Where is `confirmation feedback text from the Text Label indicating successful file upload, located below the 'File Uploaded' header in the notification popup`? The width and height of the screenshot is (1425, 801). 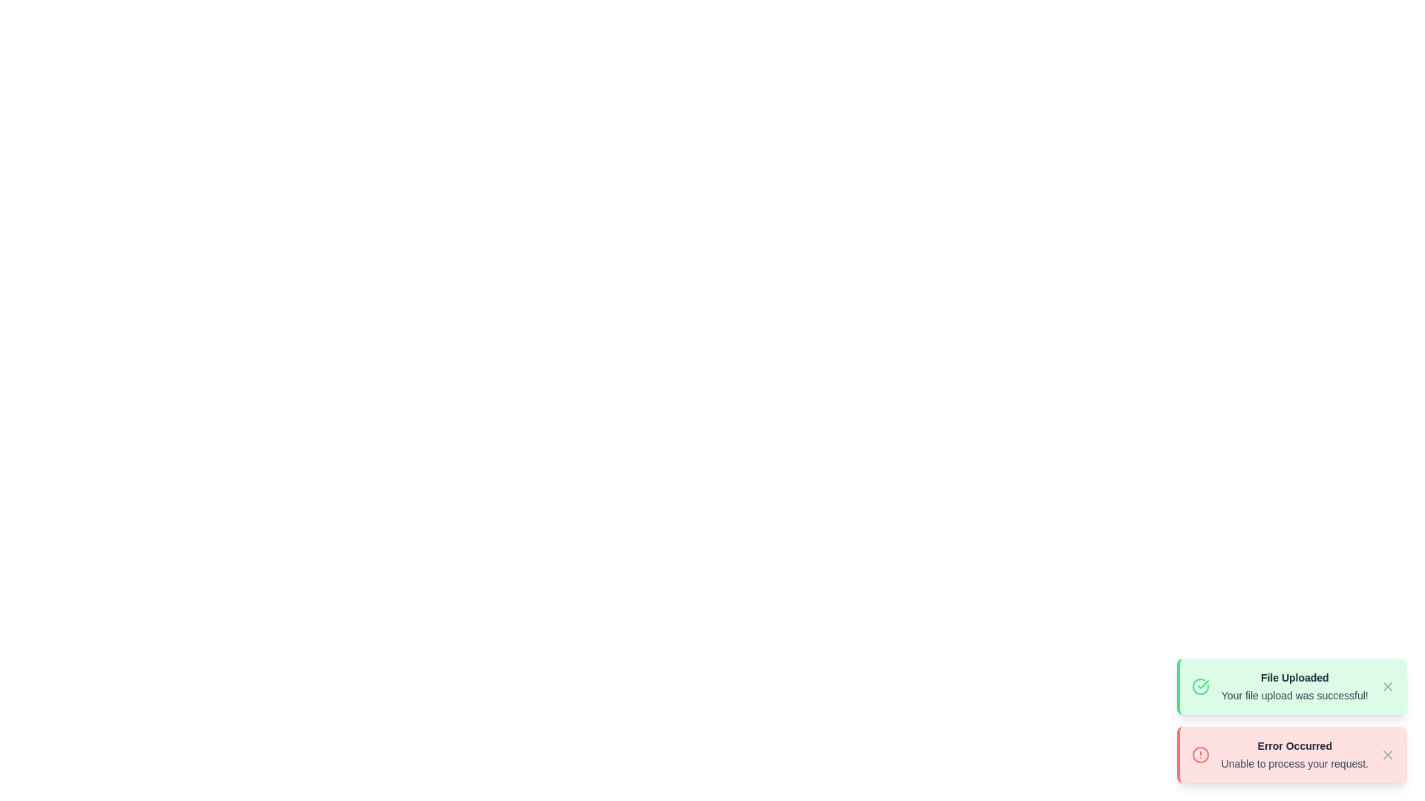
confirmation feedback text from the Text Label indicating successful file upload, located below the 'File Uploaded' header in the notification popup is located at coordinates (1294, 695).